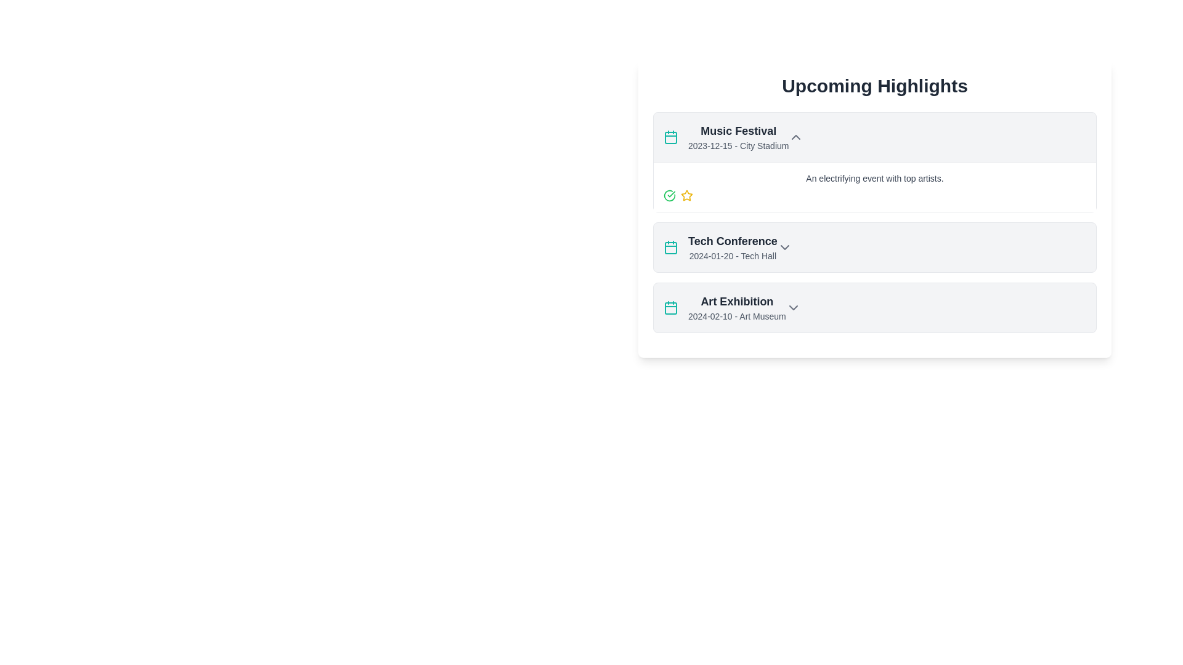 Image resolution: width=1183 pixels, height=665 pixels. Describe the element at coordinates (793, 307) in the screenshot. I see `the chevron icon` at that location.